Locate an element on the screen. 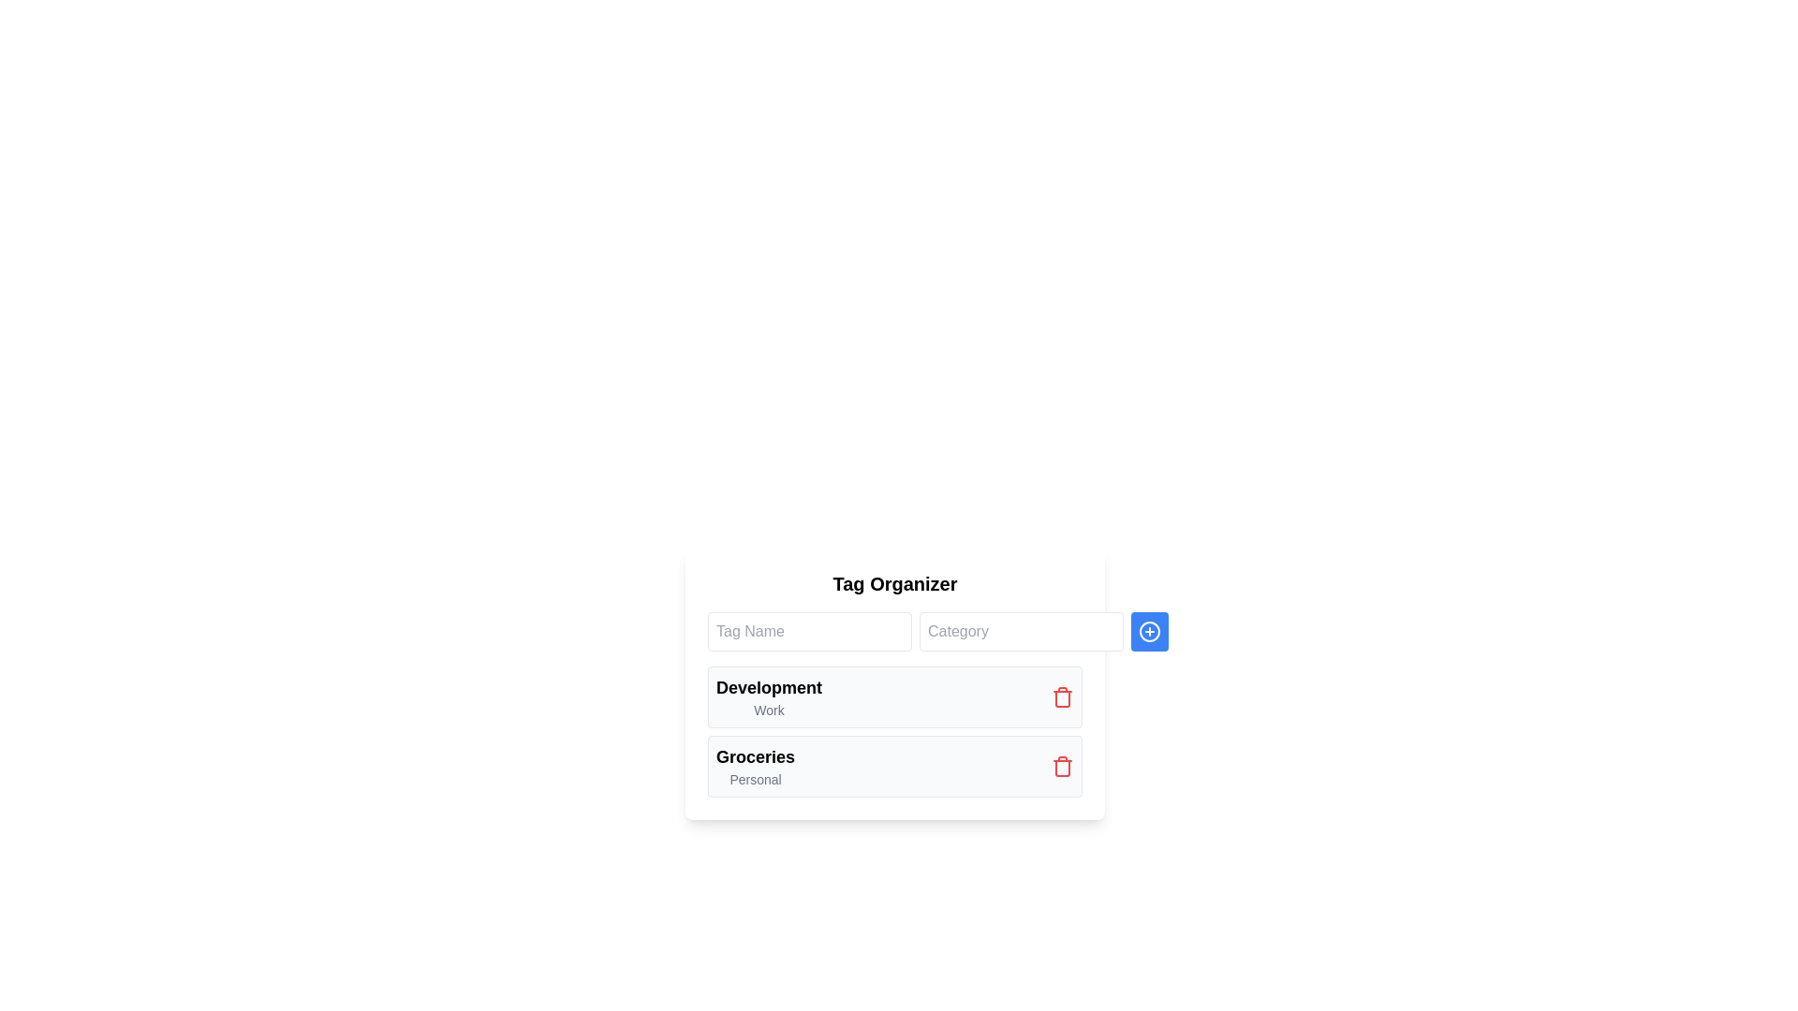  the 'Groceries' text label, which is bold and larger in size is located at coordinates (755, 756).